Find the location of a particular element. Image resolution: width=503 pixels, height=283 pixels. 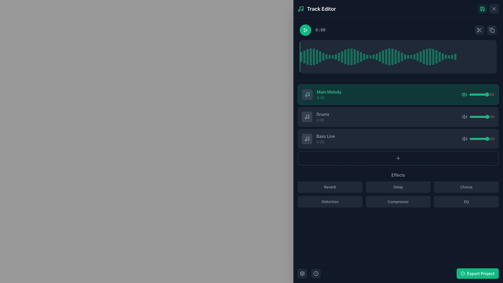

the 59th vertical rectangular muted emerald green waveform bar in the upper-right section of the waveform visualization in the track editor interface is located at coordinates (452, 57).